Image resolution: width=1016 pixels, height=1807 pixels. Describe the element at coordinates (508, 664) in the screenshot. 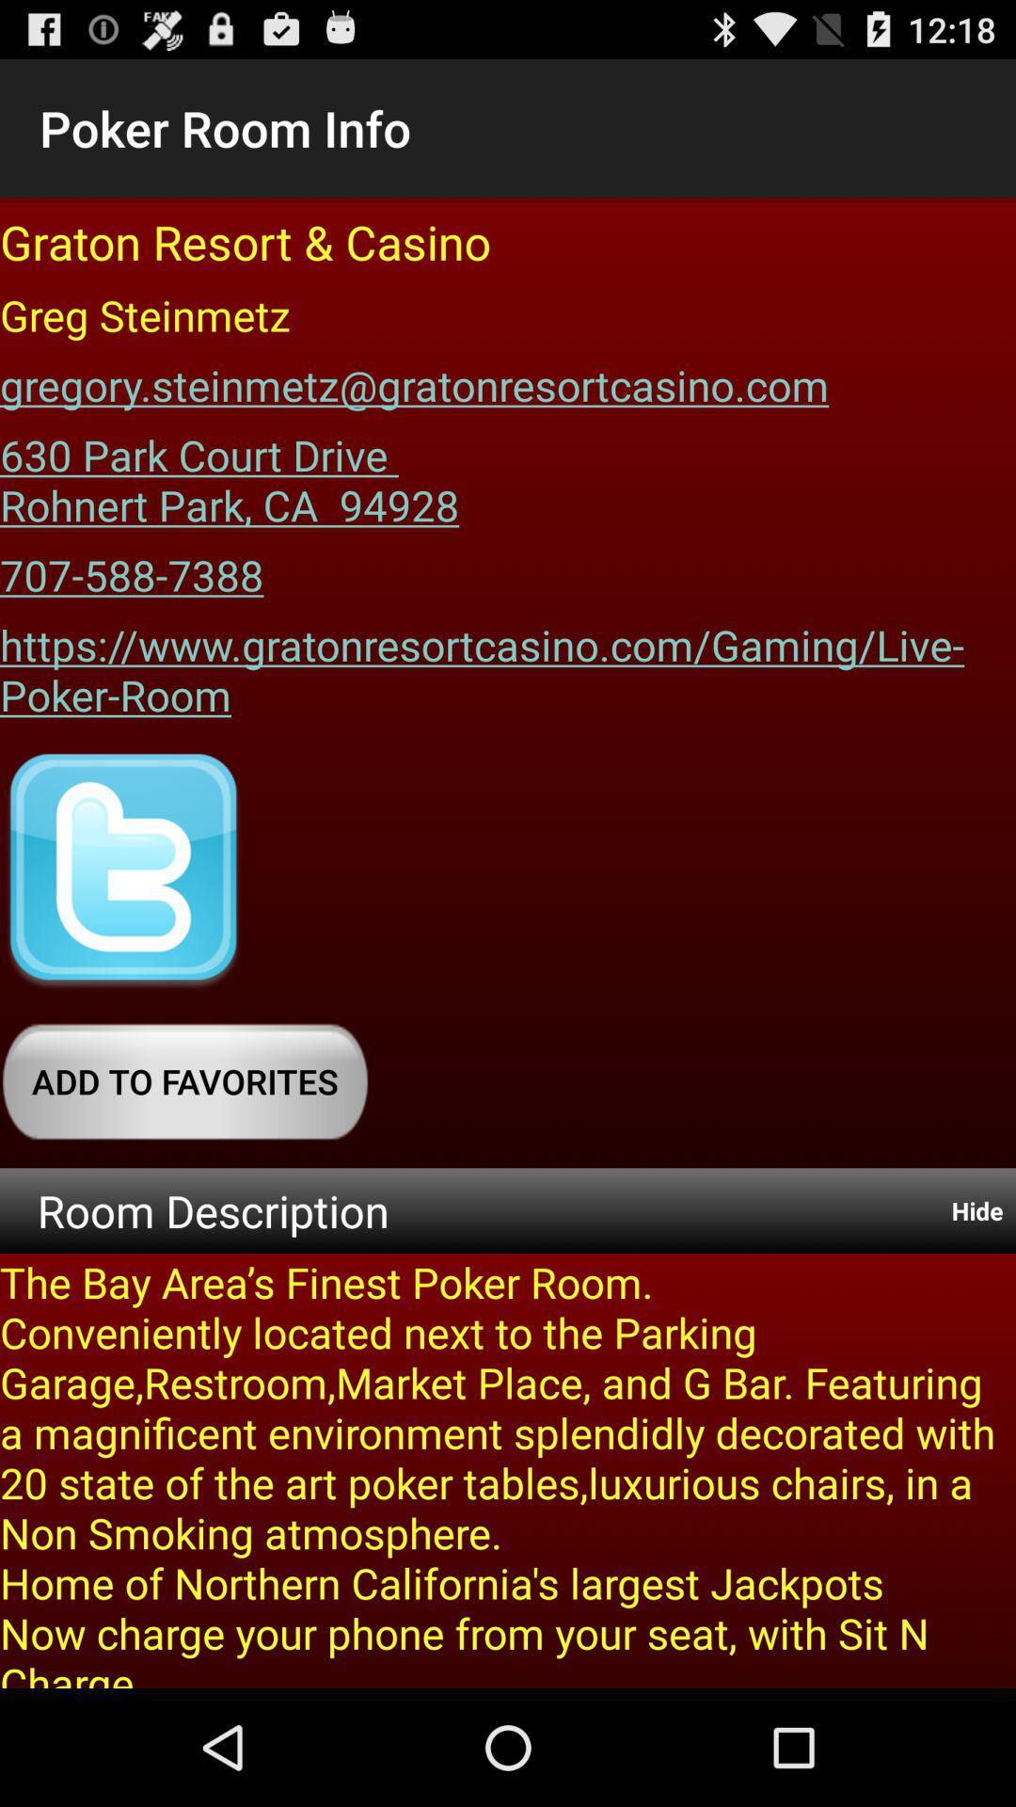

I see `app at the center` at that location.